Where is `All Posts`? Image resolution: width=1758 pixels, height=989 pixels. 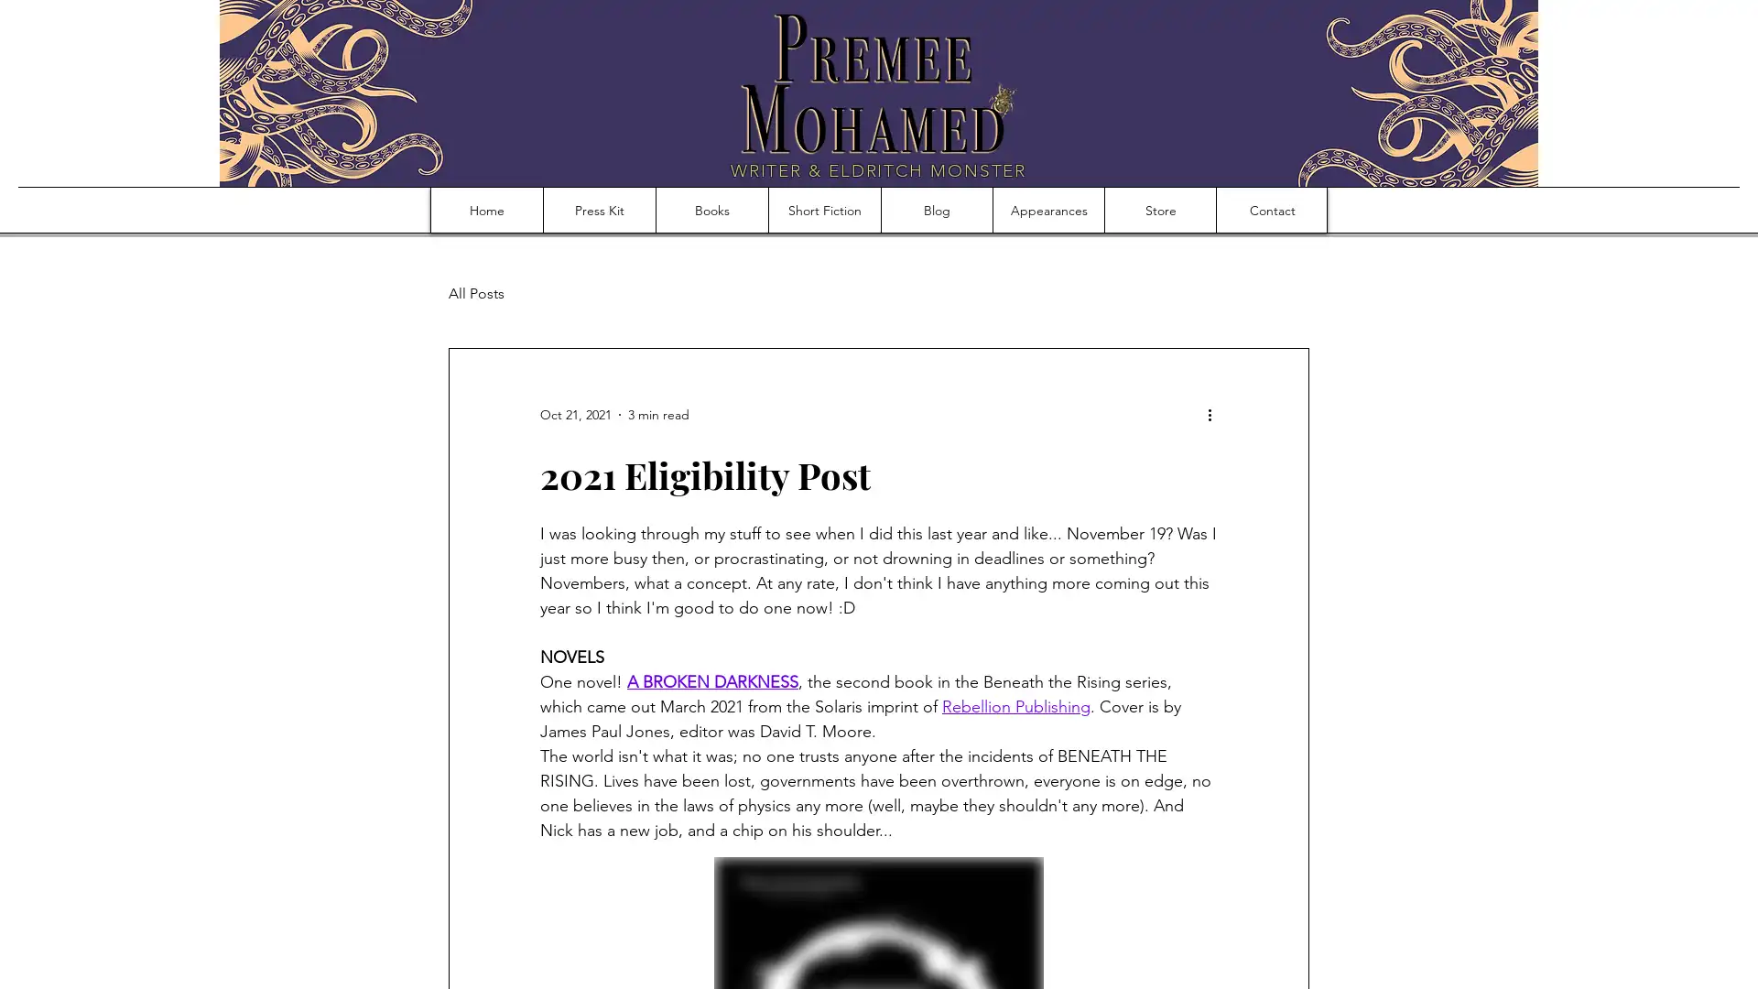 All Posts is located at coordinates (476, 291).